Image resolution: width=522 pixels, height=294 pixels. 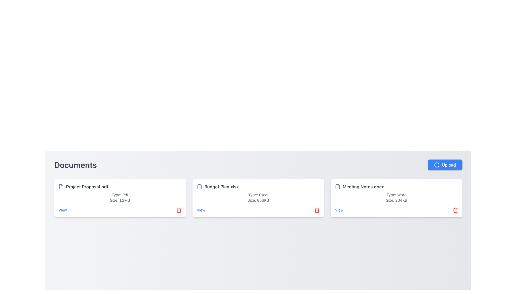 What do you see at coordinates (437, 164) in the screenshot?
I see `the circular plus sign icon inside the top-right blue 'Upload' button, which suggests an 'add' or 'create' action` at bounding box center [437, 164].